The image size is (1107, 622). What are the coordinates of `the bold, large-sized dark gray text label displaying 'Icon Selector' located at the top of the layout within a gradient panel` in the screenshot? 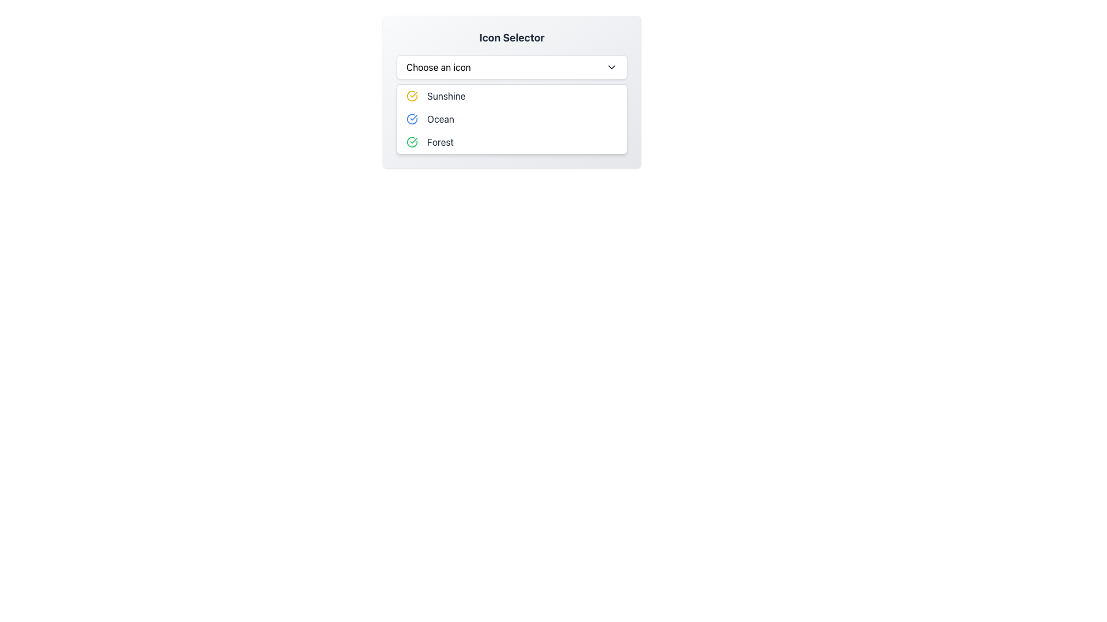 It's located at (511, 37).